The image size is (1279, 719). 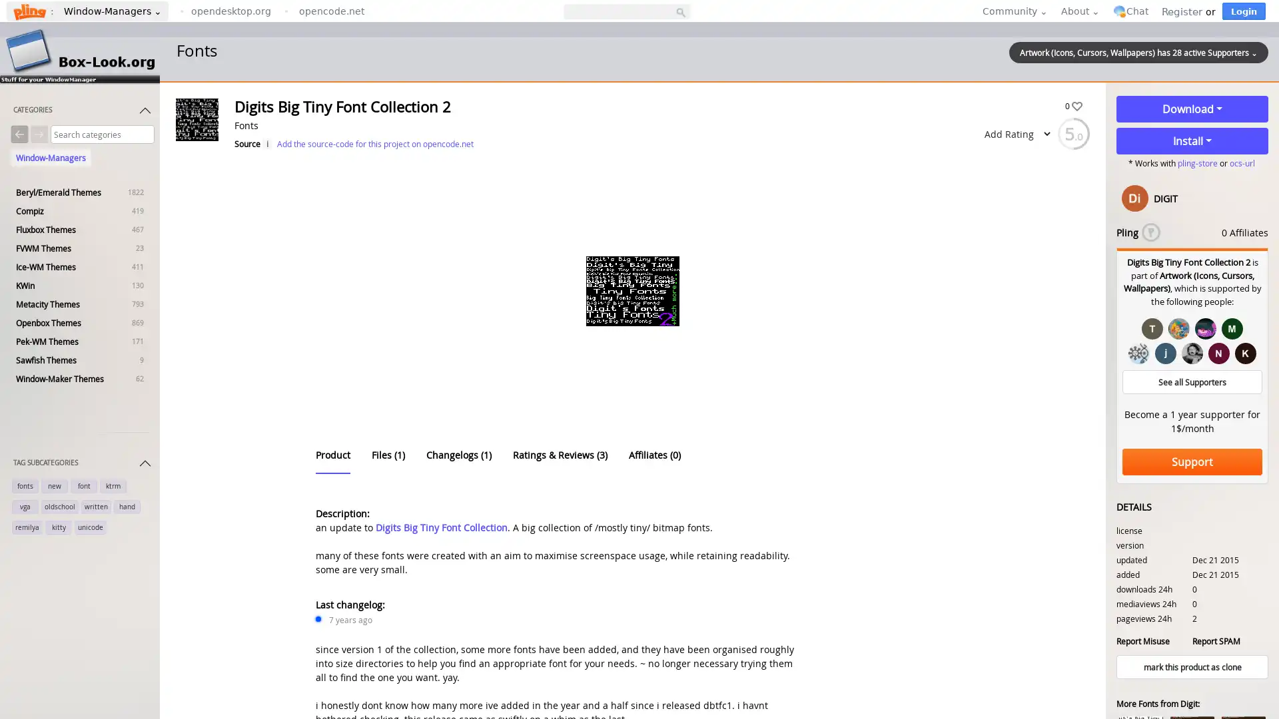 What do you see at coordinates (1192, 141) in the screenshot?
I see `Install` at bounding box center [1192, 141].